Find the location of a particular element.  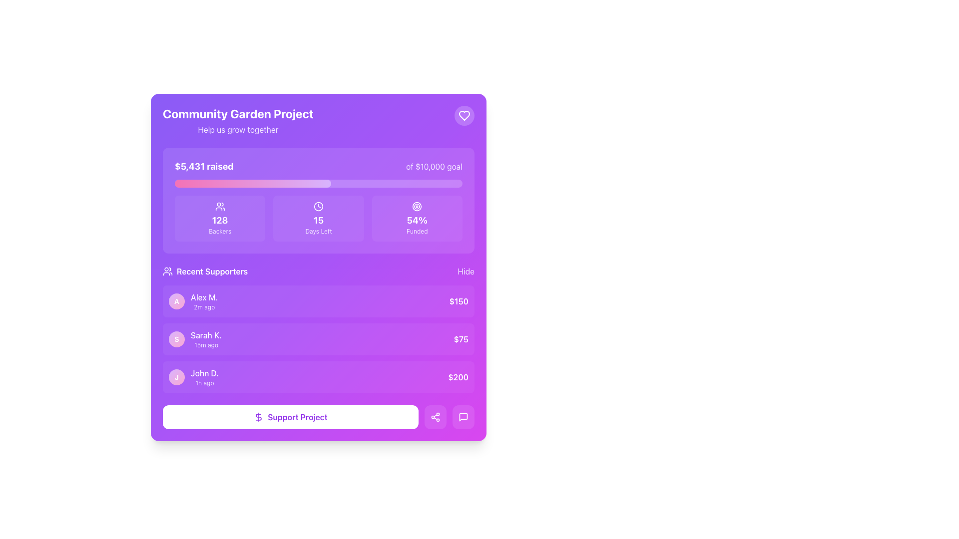

the heart icon, which is styled with a white stroke on a vibrant purple circular background, located in the top-right corner of the card-like section is located at coordinates (464, 115).